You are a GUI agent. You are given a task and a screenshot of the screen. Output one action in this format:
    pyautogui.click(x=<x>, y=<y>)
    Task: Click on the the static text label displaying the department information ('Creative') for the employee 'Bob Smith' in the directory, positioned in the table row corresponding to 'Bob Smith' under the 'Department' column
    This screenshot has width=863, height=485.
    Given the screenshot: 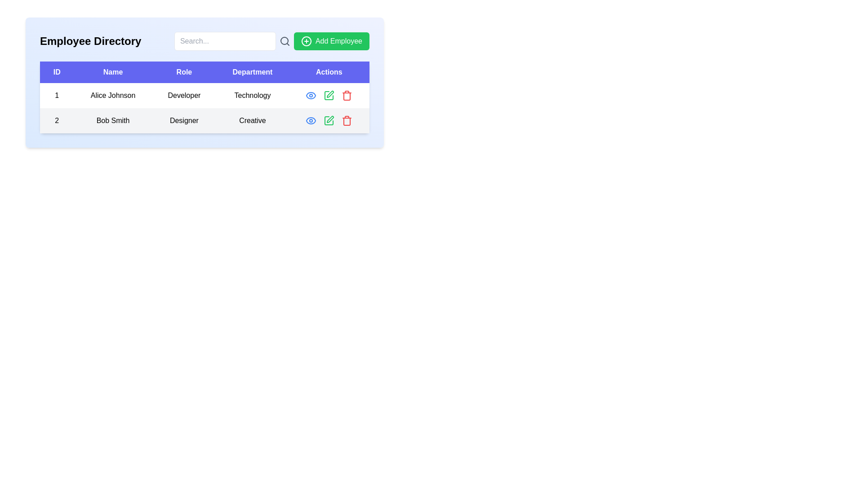 What is the action you would take?
    pyautogui.click(x=252, y=120)
    